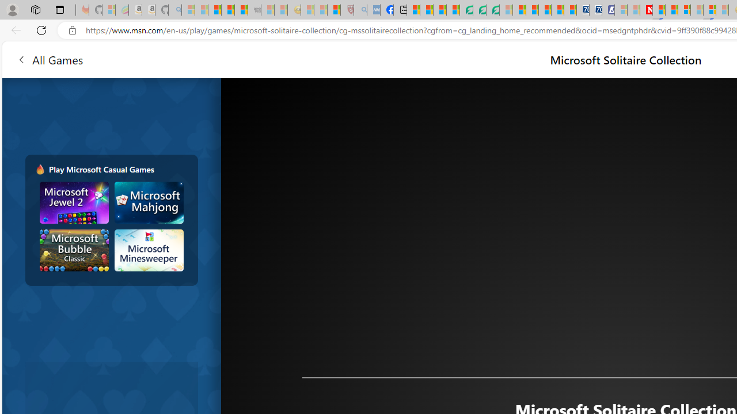  Describe the element at coordinates (479, 10) in the screenshot. I see `'Terms of Use Agreement'` at that location.